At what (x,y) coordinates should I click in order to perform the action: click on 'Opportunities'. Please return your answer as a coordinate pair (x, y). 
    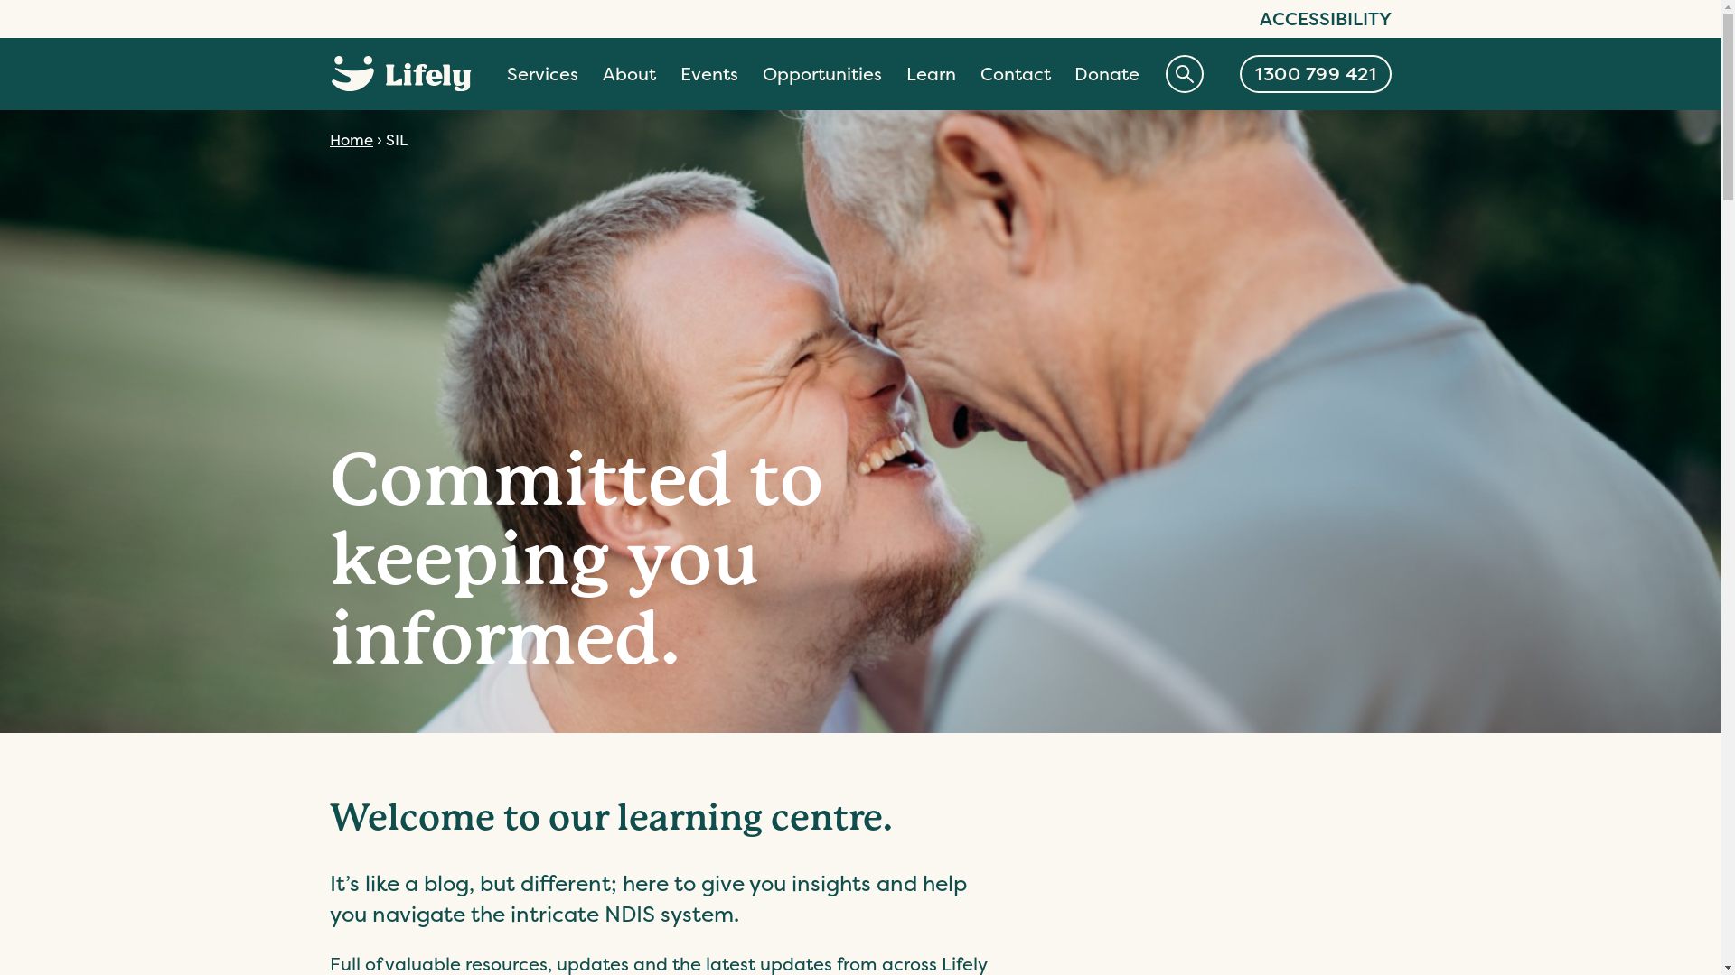
    Looking at the image, I should click on (821, 74).